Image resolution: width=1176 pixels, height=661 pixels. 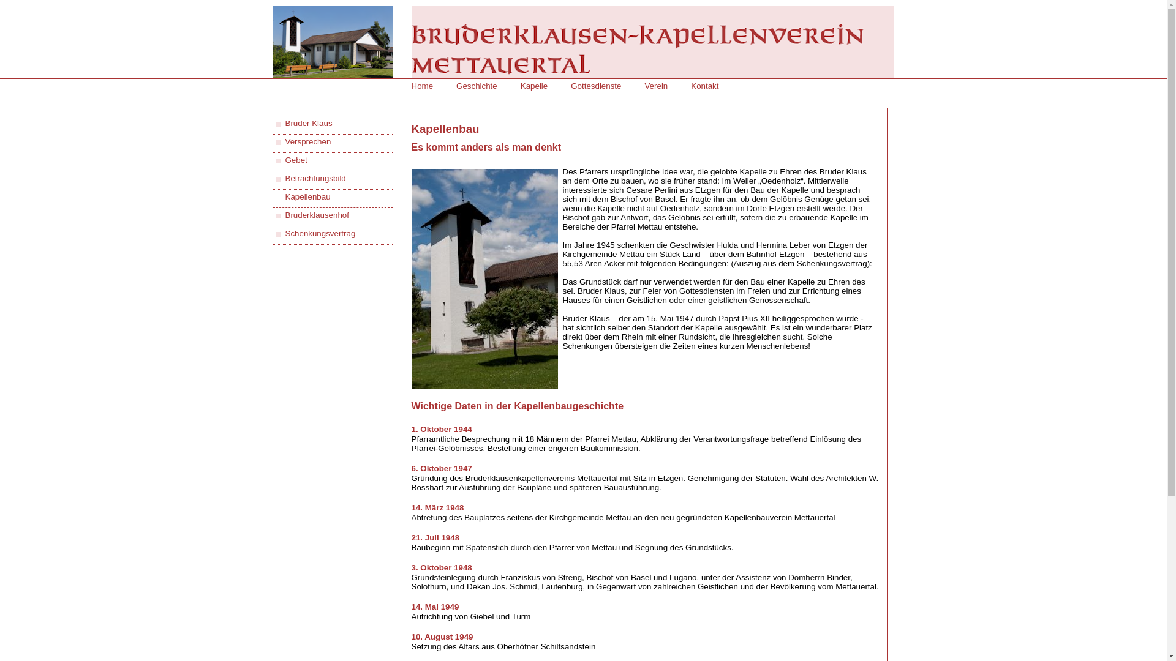 What do you see at coordinates (691, 85) in the screenshot?
I see `'Kontakt'` at bounding box center [691, 85].